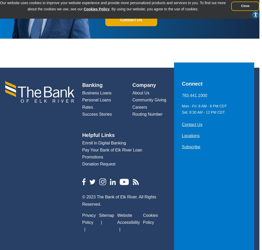  I want to click on 'Rates', so click(87, 107).